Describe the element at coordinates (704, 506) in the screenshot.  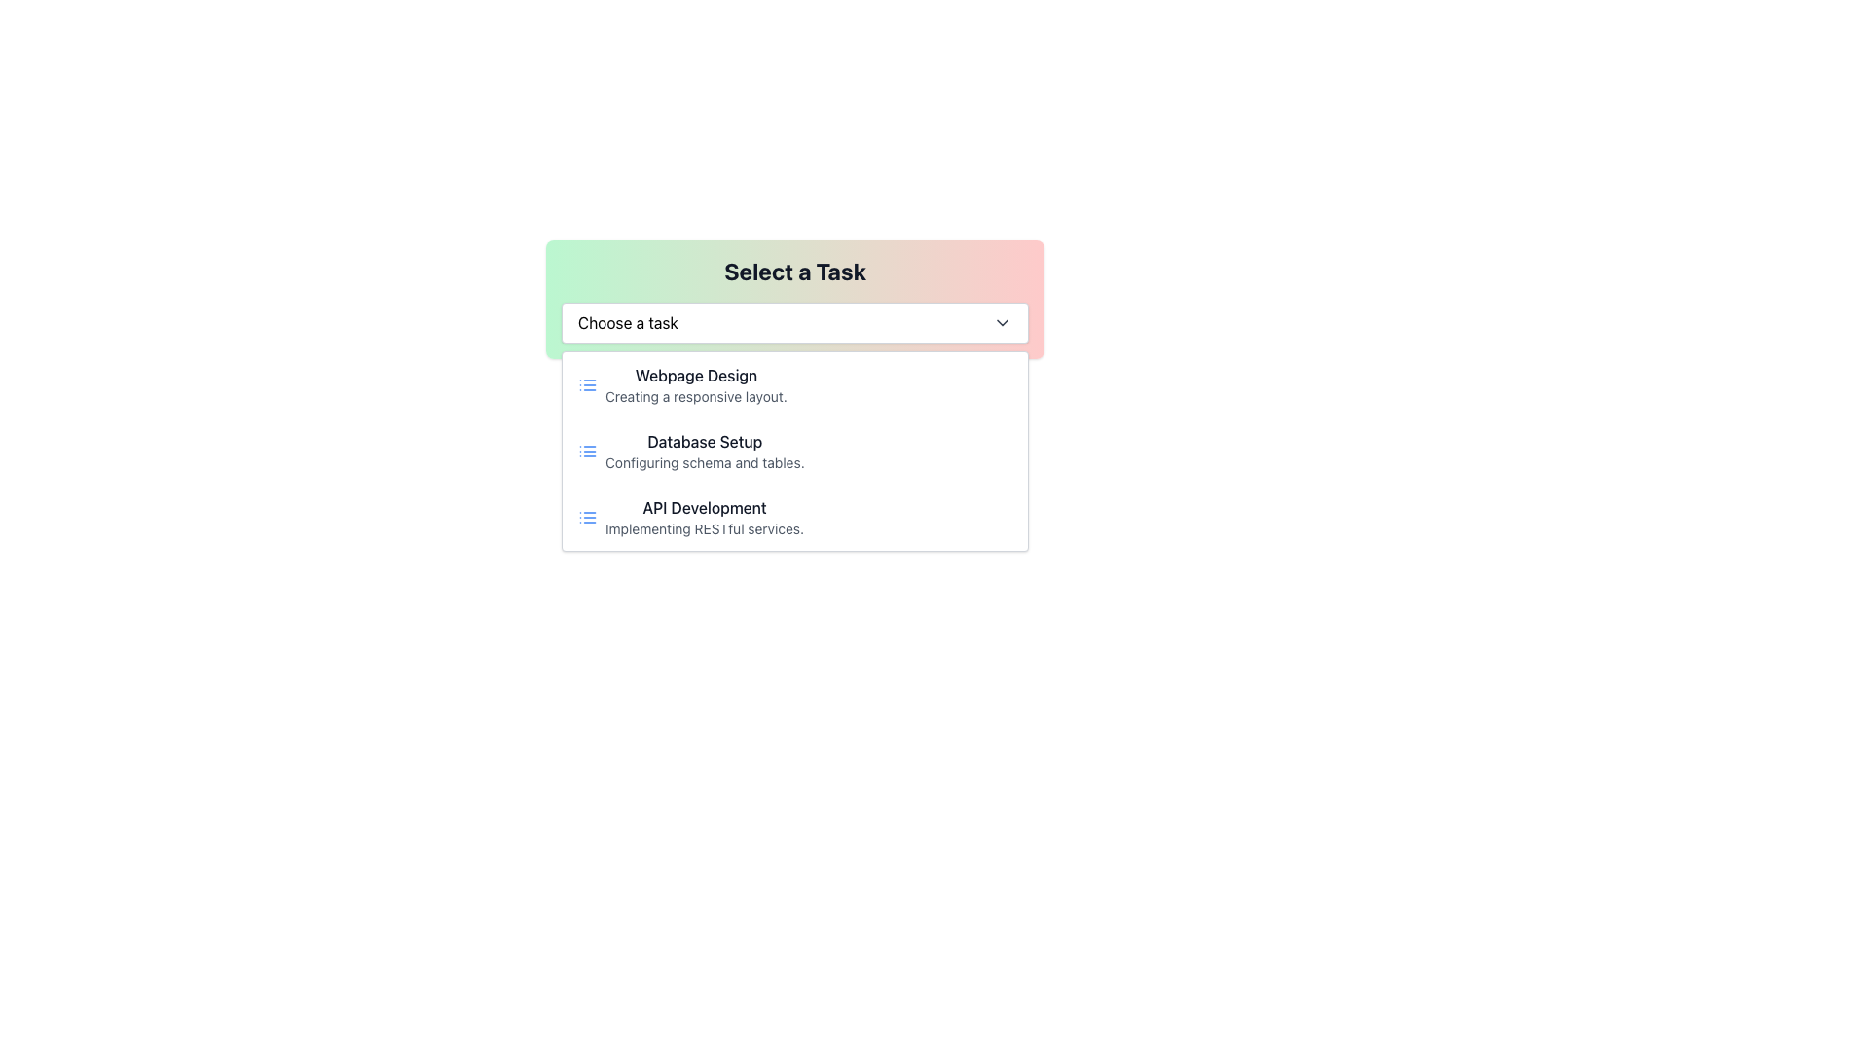
I see `the text label displaying 'API Development', which is the title of the third task option in the task selection dropdown list` at that location.